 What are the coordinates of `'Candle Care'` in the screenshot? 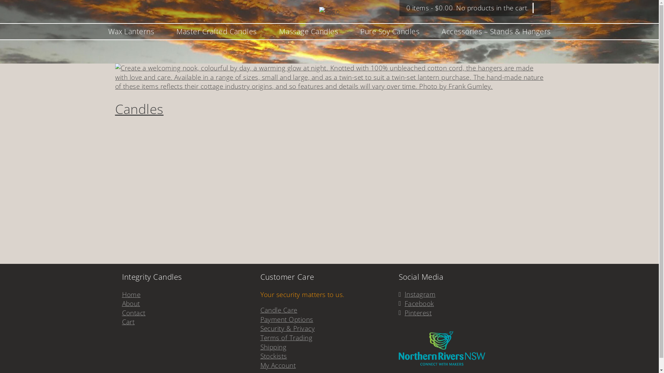 It's located at (278, 310).